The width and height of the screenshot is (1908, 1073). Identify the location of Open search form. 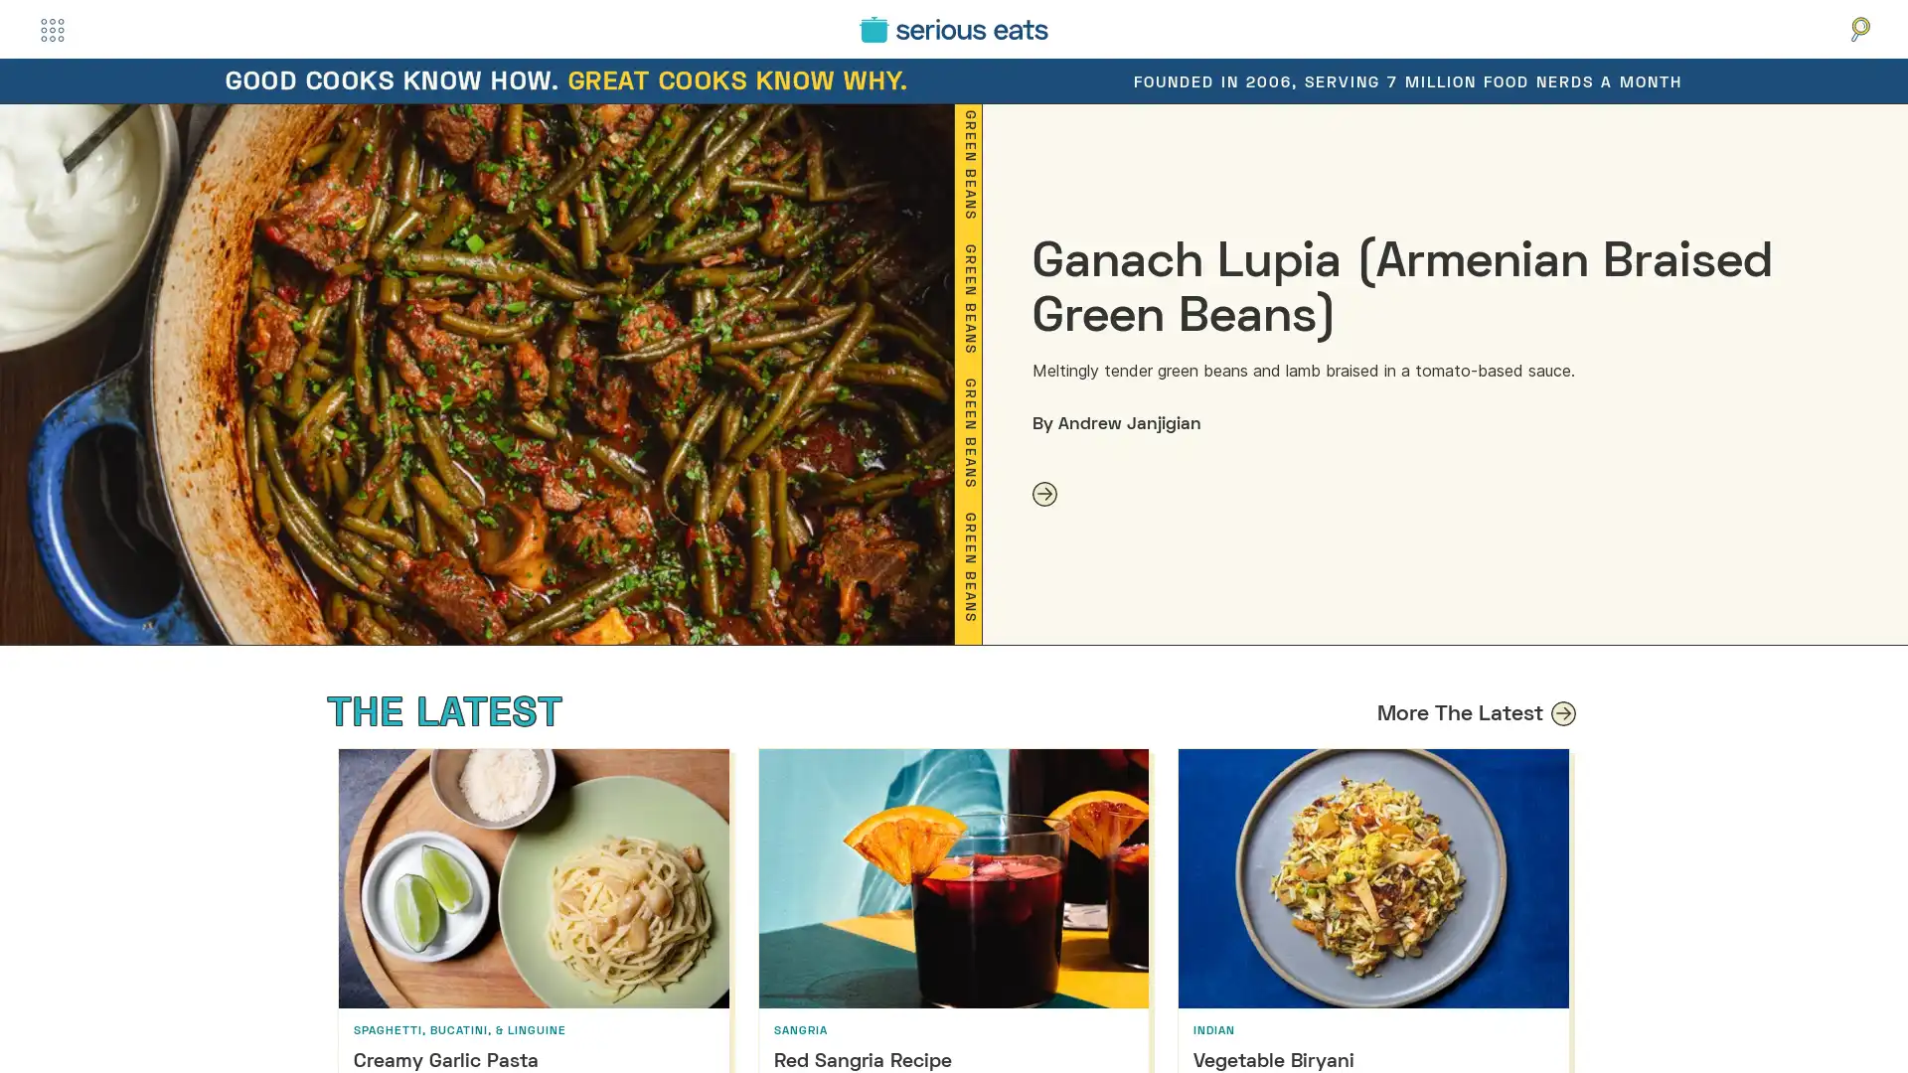
(1859, 29).